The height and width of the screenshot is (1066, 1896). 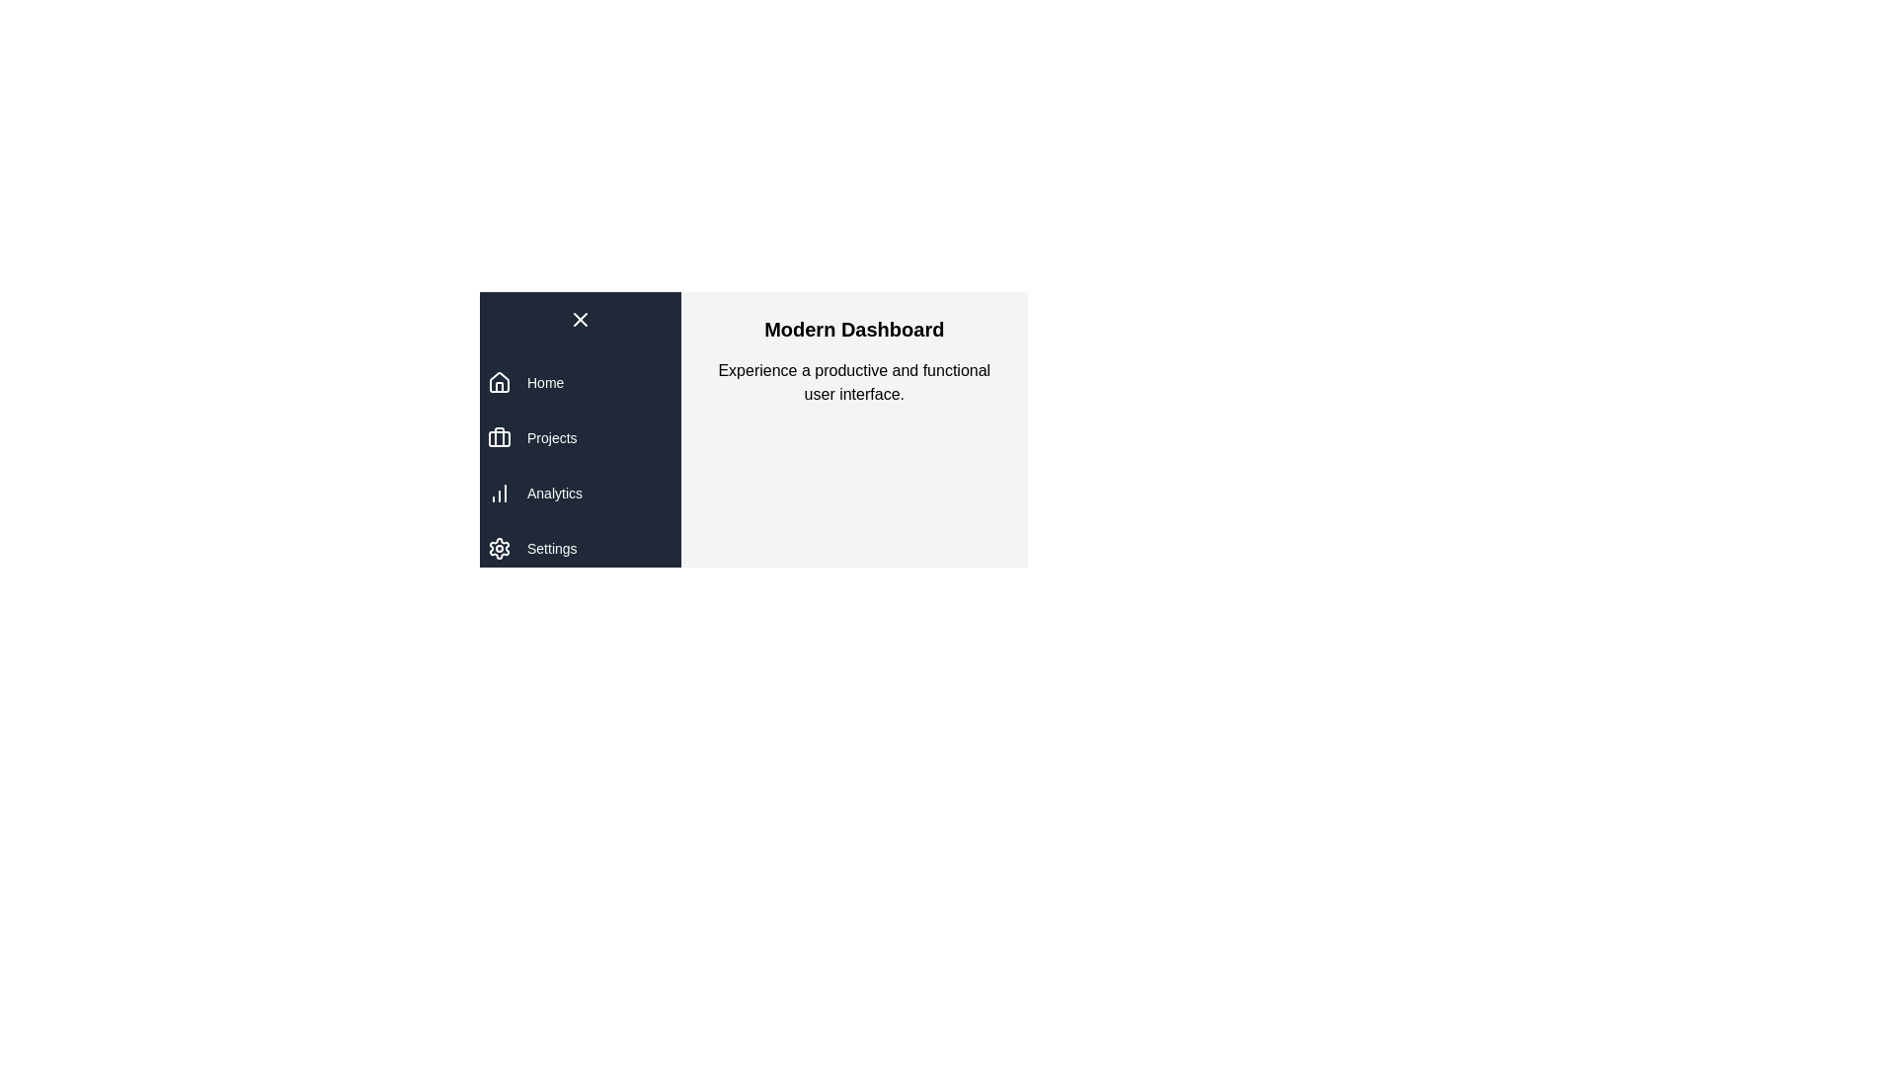 What do you see at coordinates (552, 436) in the screenshot?
I see `the navigation item Projects to navigate to the corresponding section` at bounding box center [552, 436].